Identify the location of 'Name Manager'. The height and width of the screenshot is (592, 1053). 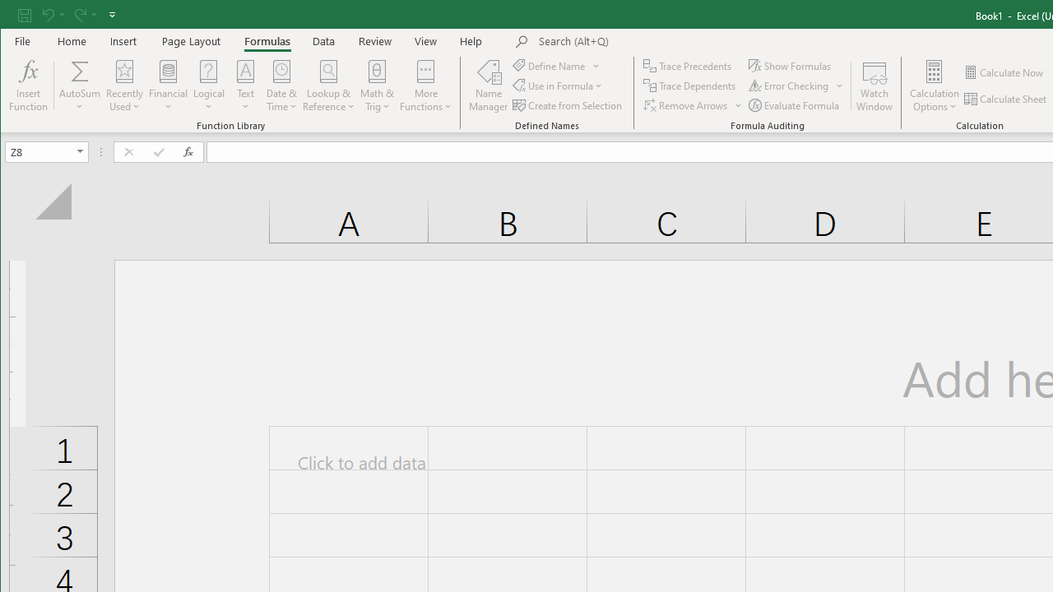
(487, 86).